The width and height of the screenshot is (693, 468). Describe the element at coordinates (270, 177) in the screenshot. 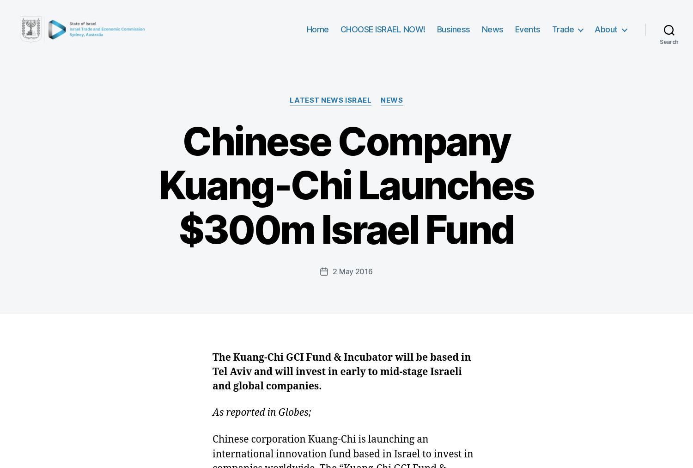

I see `'Facebook'` at that location.